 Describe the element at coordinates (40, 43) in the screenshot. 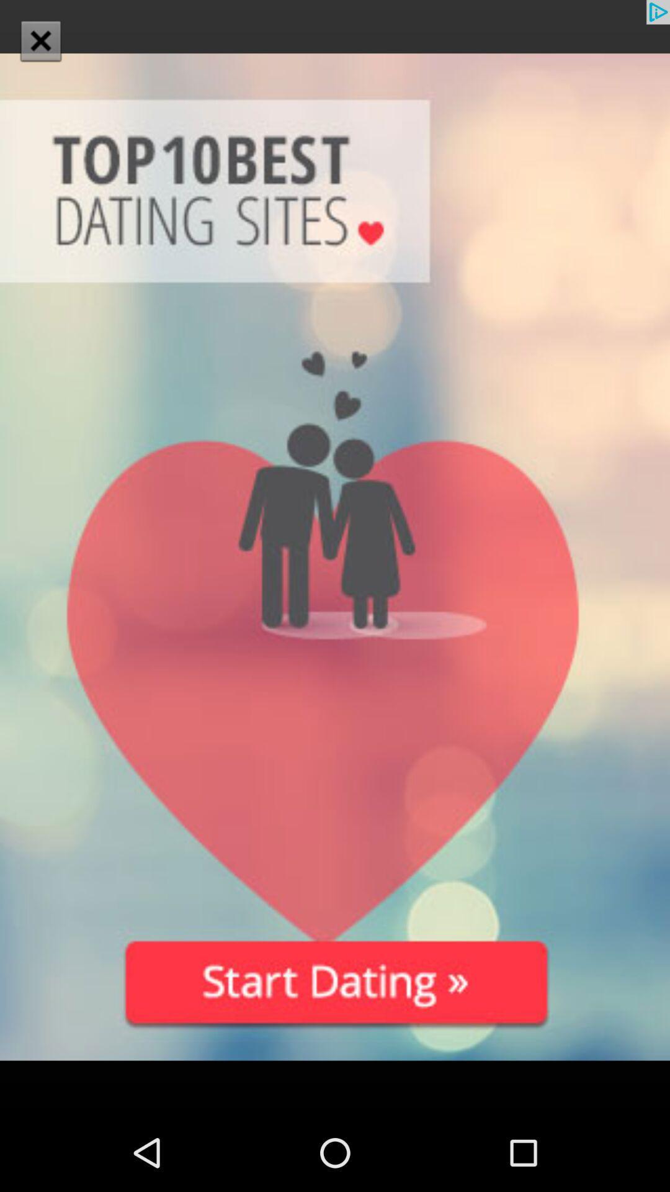

I see `the close icon` at that location.